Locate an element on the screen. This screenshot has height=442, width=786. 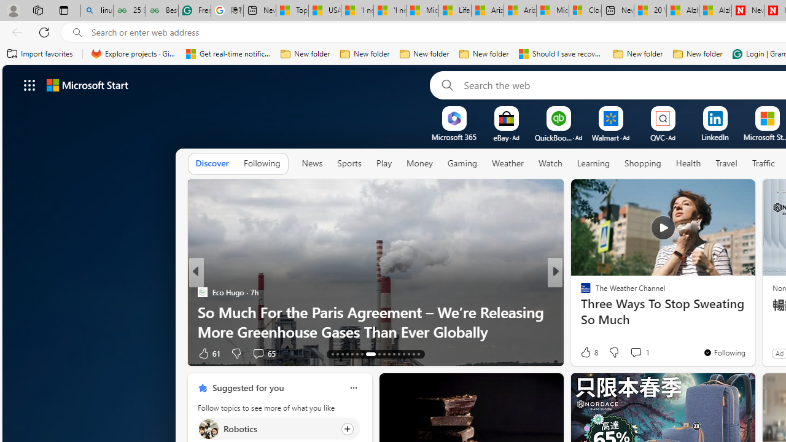
'AutomationID: tab-29' is located at coordinates (418, 354).